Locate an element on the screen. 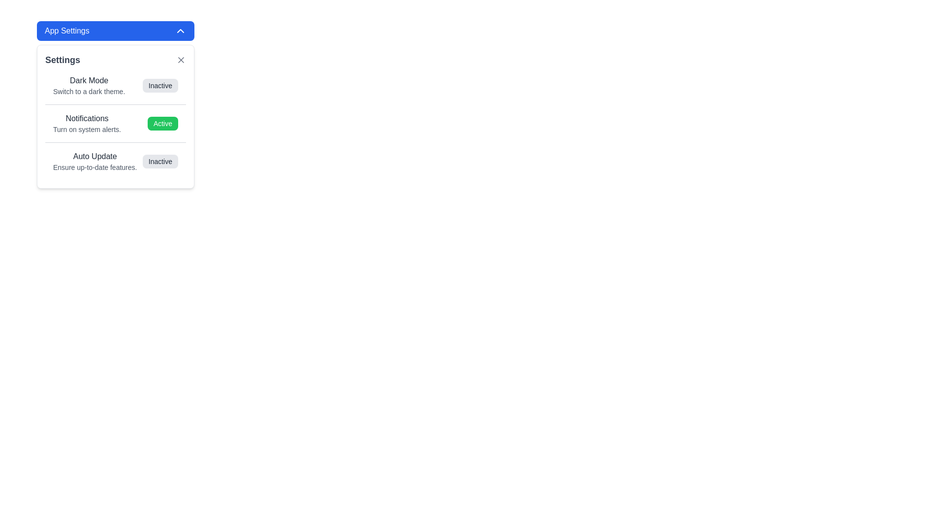 The width and height of the screenshot is (945, 532). the Text block that provides information about the 'Auto Update' feature, located in the middle-bottom part of the settings panel, below the 'Notifications' section is located at coordinates (95, 161).